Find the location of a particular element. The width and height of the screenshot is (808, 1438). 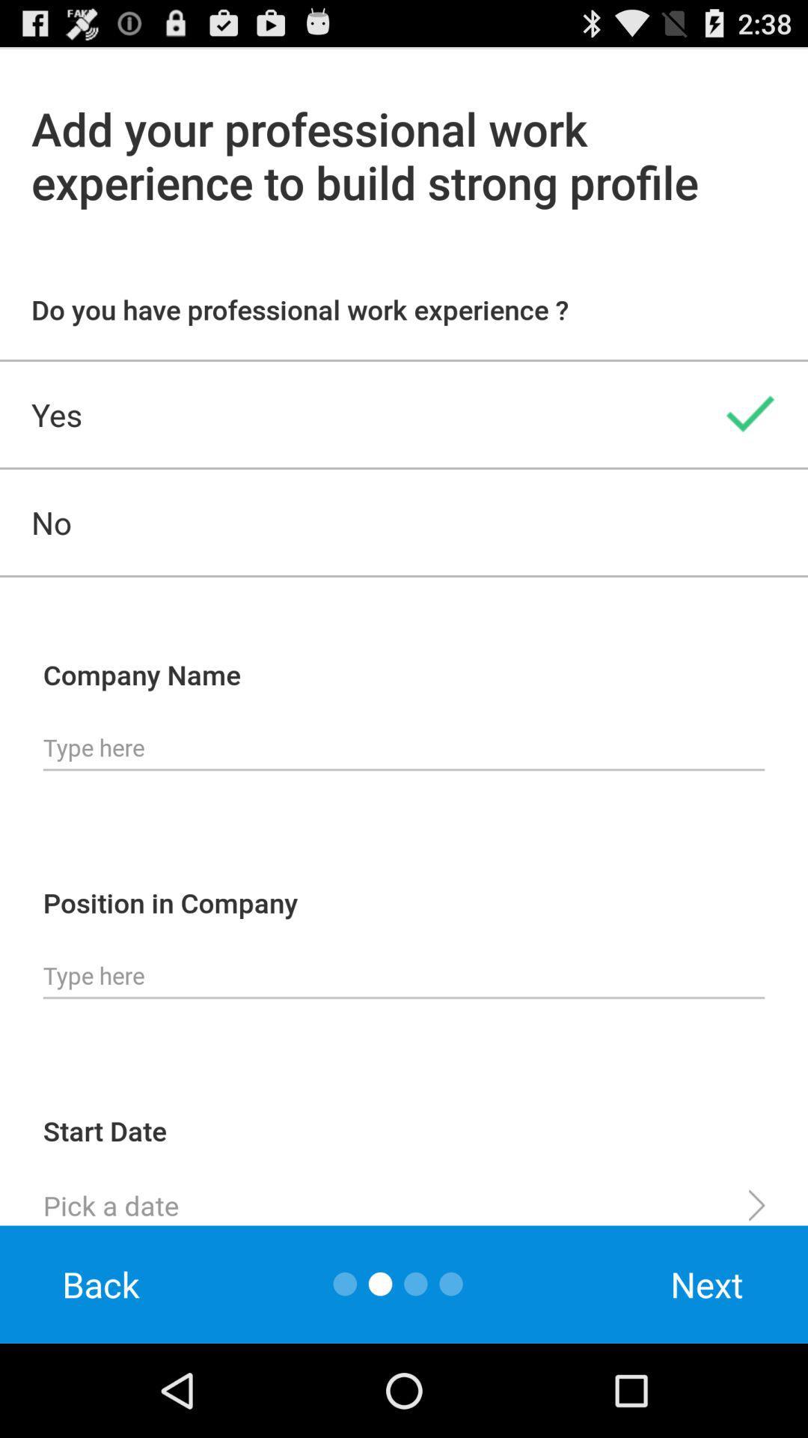

icon at the bottom left corner is located at coordinates (101, 1284).